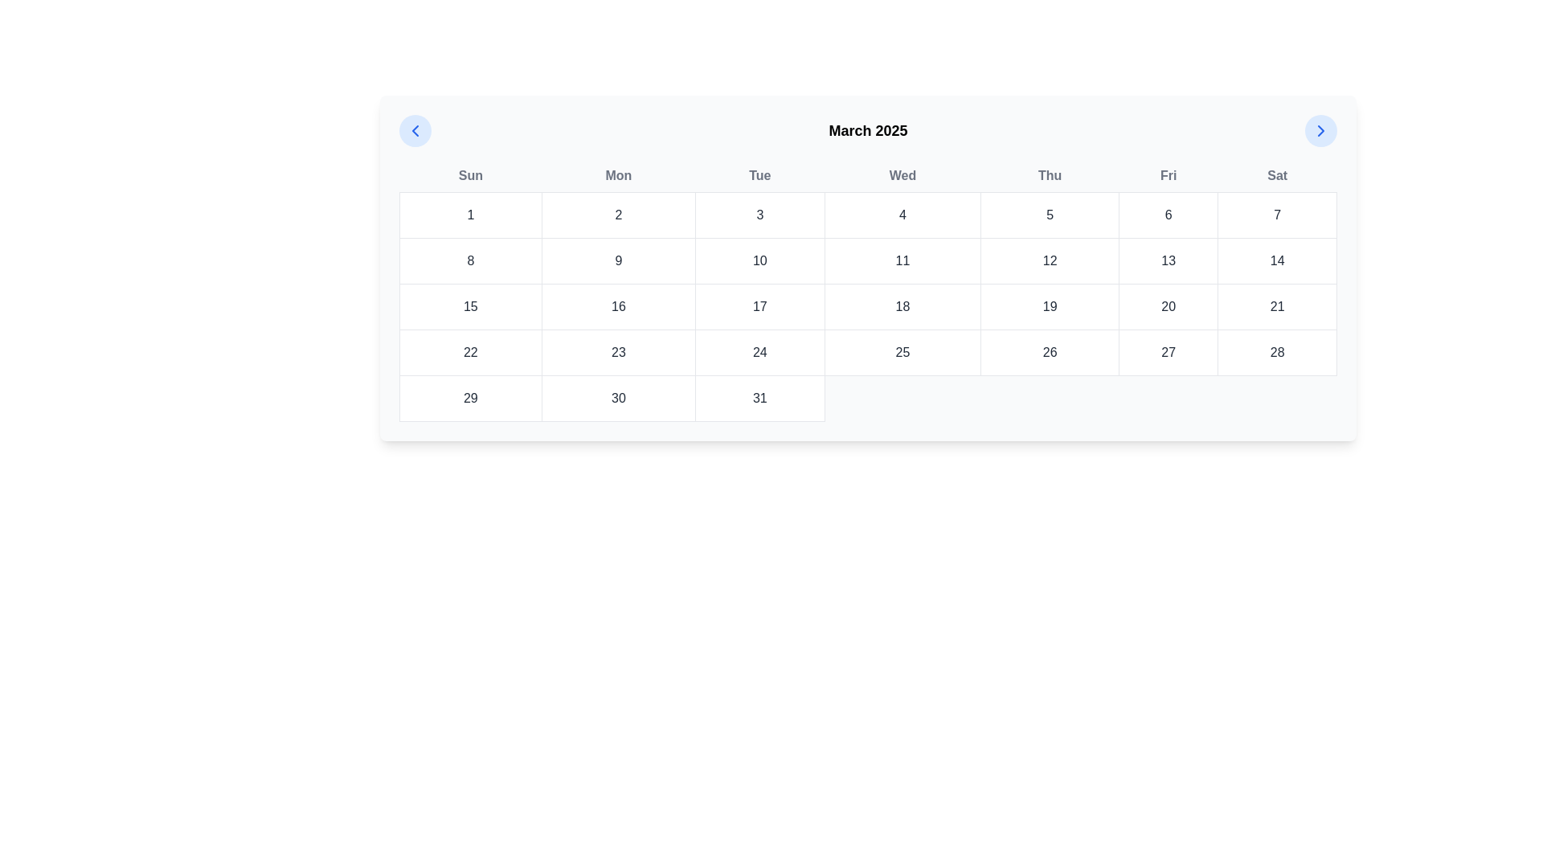 Image resolution: width=1543 pixels, height=868 pixels. I want to click on the static text display that shows the currently selected month and year in the calendar header, so click(867, 129).